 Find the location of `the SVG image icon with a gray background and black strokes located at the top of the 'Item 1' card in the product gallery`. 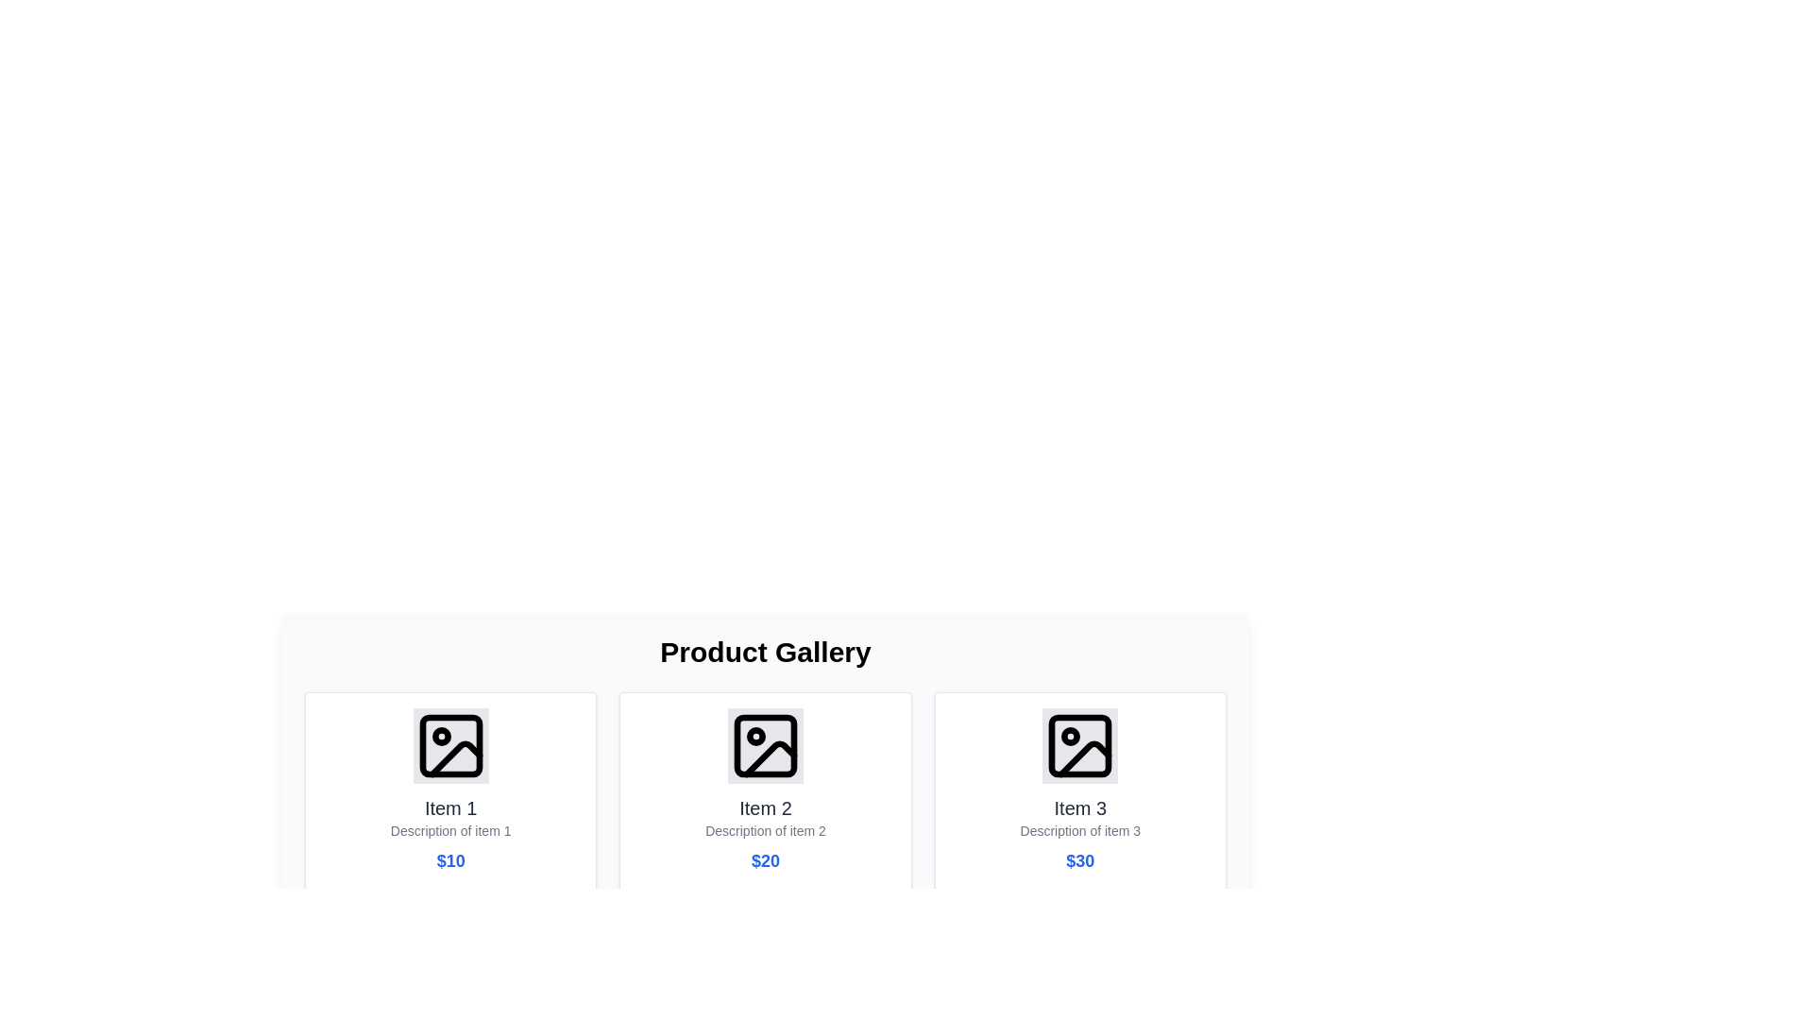

the SVG image icon with a gray background and black strokes located at the top of the 'Item 1' card in the product gallery is located at coordinates (449, 745).